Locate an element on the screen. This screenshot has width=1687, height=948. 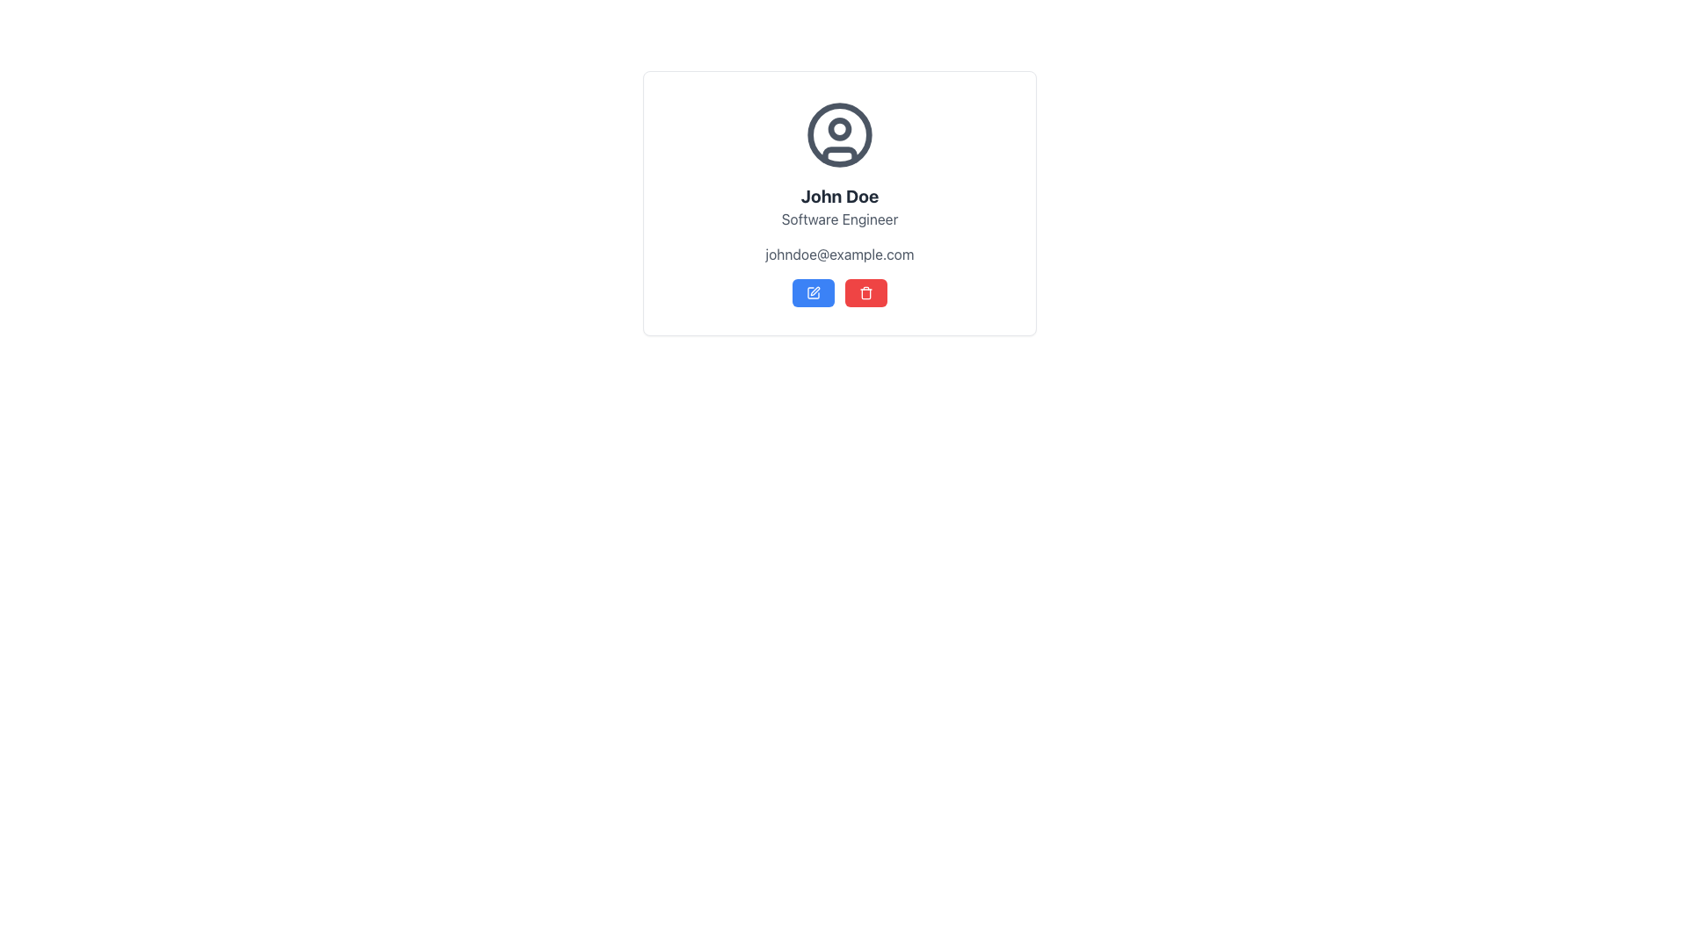
the user profile icon located at the top of the card layout, which visually identifies the user and is centered above the textual information is located at coordinates (838, 134).